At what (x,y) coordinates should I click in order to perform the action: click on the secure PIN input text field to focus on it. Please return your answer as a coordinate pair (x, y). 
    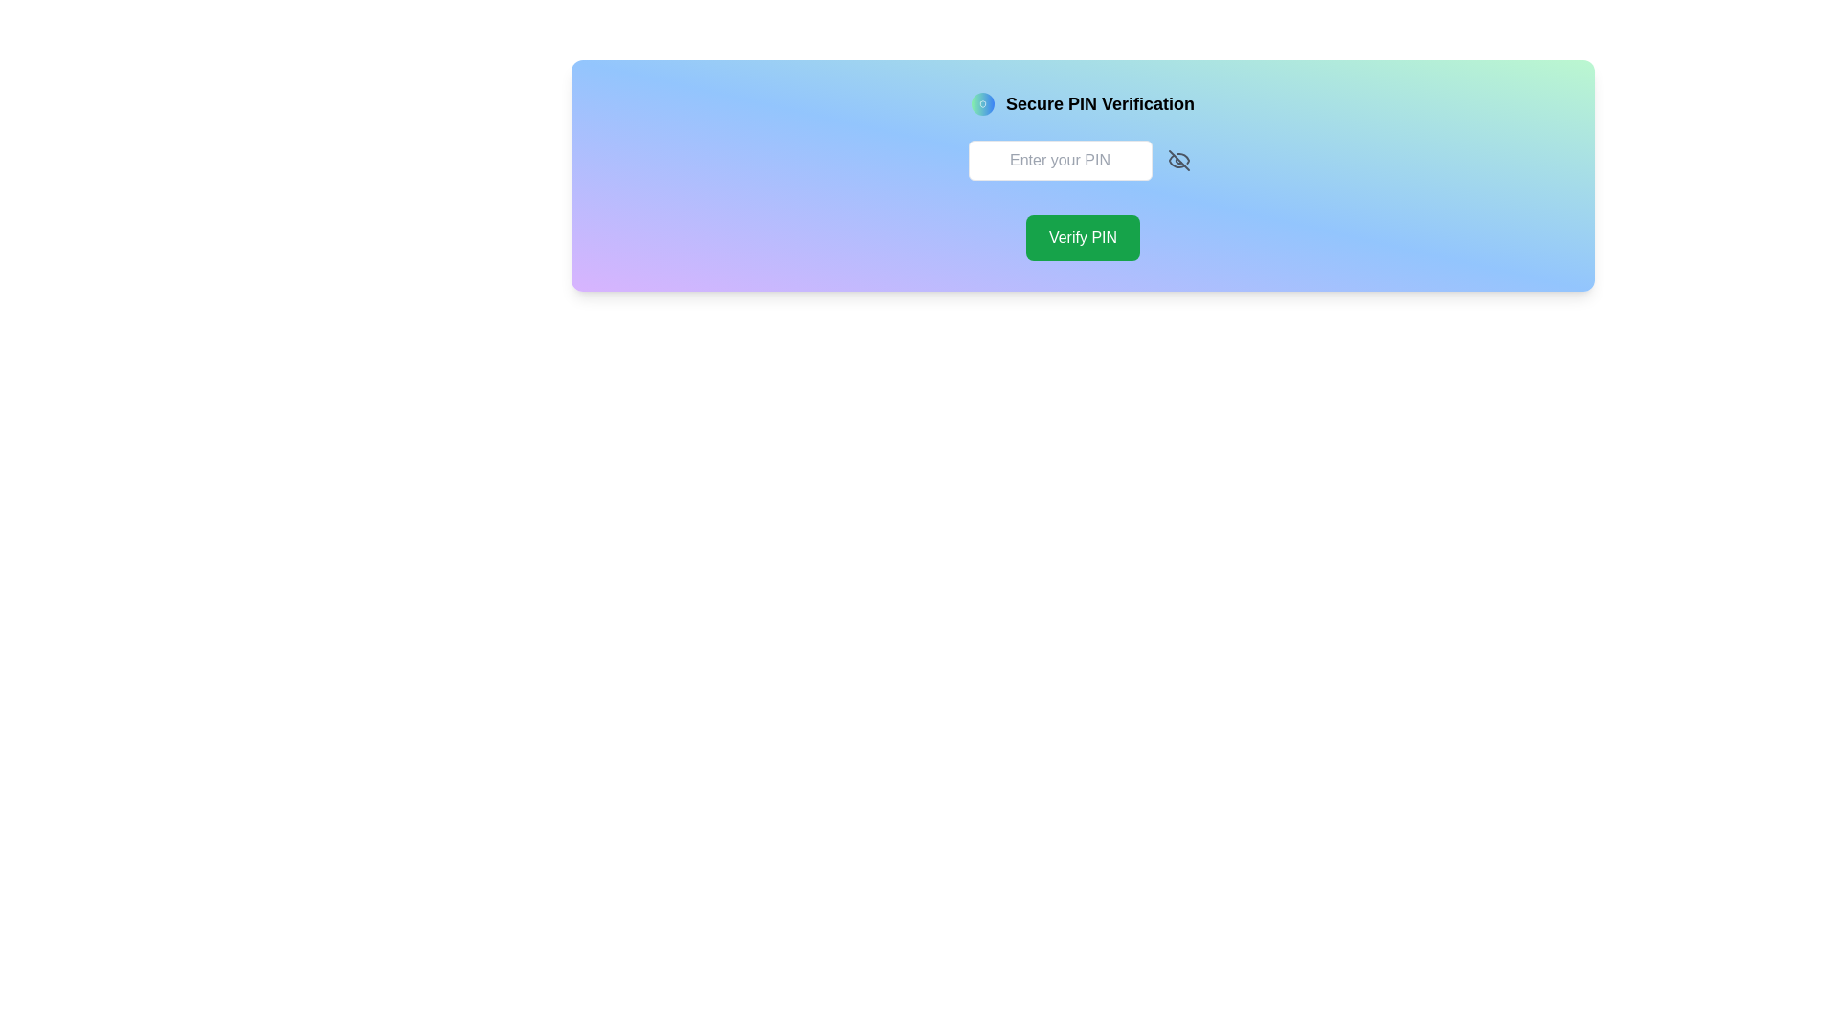
    Looking at the image, I should click on (1059, 160).